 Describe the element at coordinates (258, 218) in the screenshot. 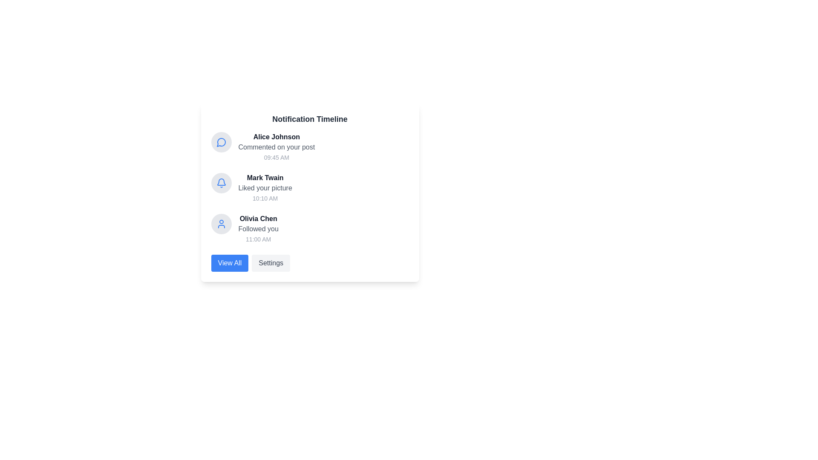

I see `the static text 'Olivia Chen' in the notification timeline` at that location.